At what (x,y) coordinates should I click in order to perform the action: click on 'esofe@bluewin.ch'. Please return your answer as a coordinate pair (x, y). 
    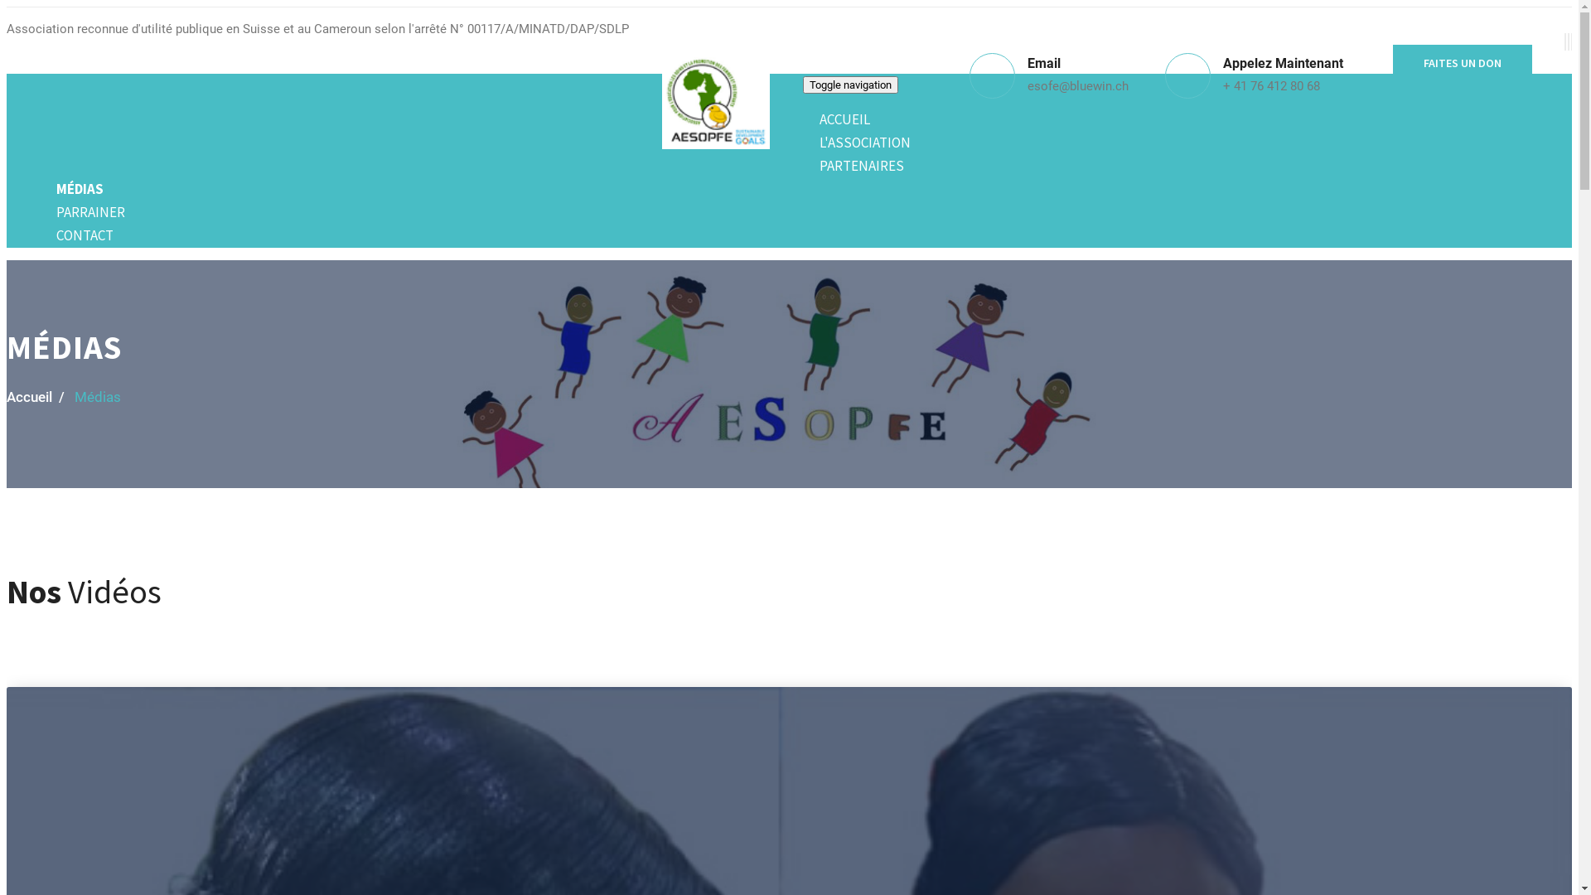
    Looking at the image, I should click on (1077, 86).